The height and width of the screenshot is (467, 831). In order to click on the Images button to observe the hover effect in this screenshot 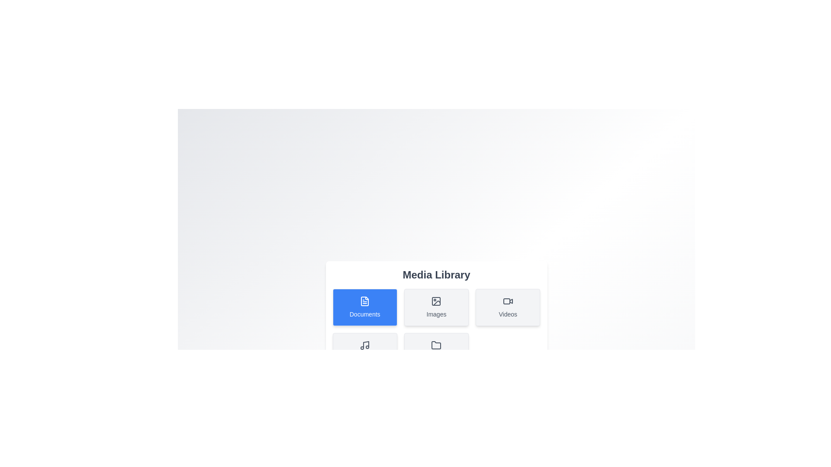, I will do `click(436, 307)`.